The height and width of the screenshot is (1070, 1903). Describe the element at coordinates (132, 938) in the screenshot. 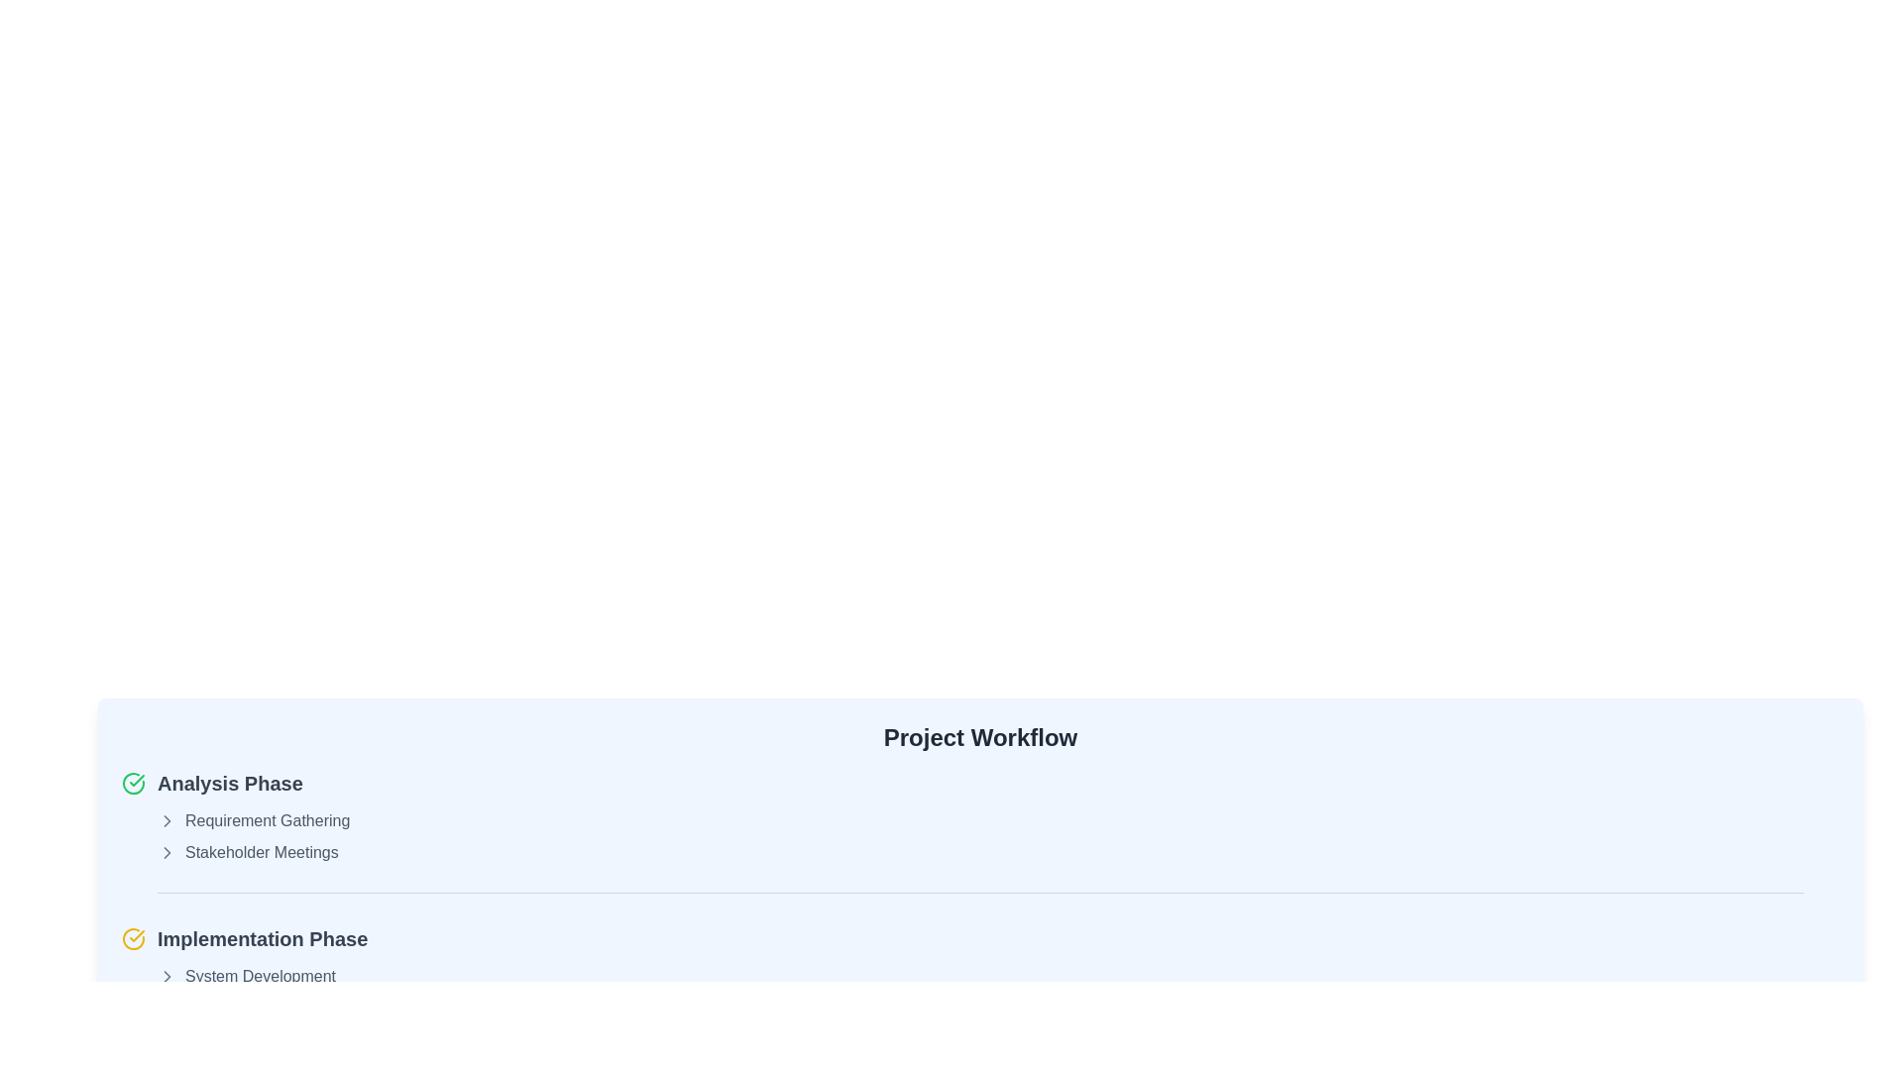

I see `the Icon indicating the completion or active status of the 'Implementation Phase' within the project workflow` at that location.